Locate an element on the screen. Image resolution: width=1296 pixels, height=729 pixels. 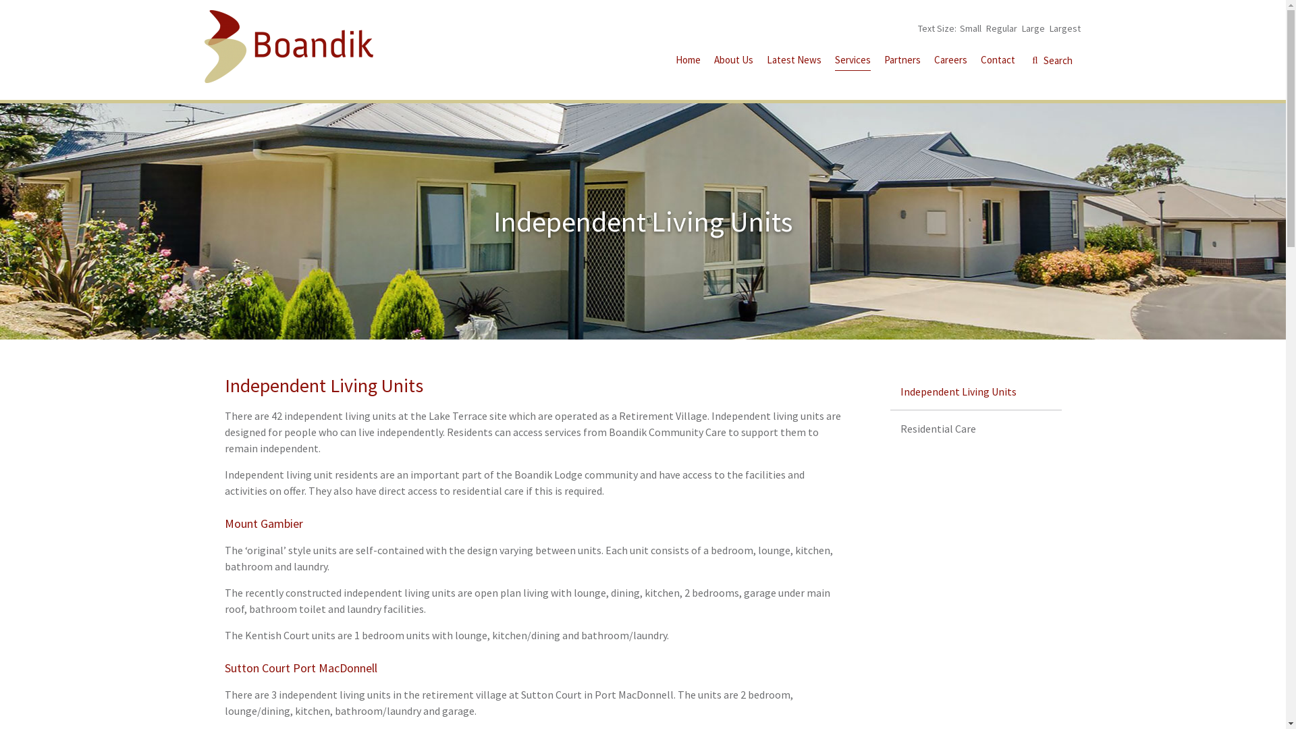
'Residential Care' is located at coordinates (975, 429).